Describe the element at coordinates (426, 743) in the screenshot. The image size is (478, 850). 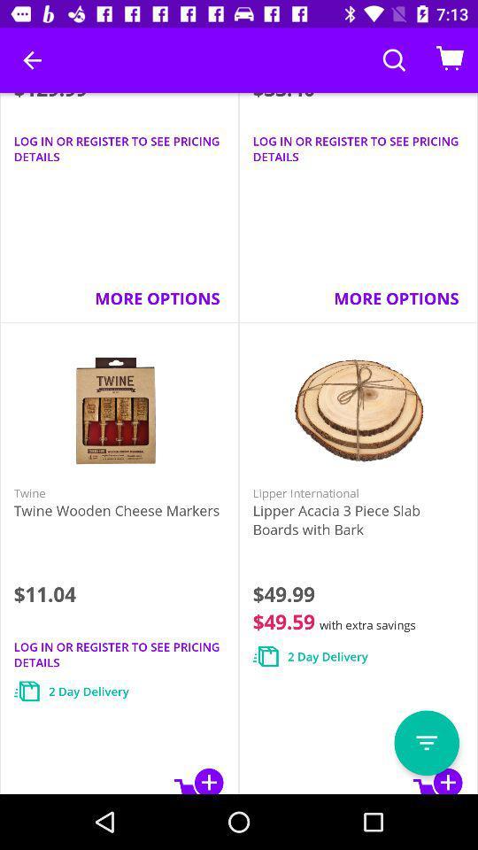
I see `the filter icon to the bottom right corner` at that location.